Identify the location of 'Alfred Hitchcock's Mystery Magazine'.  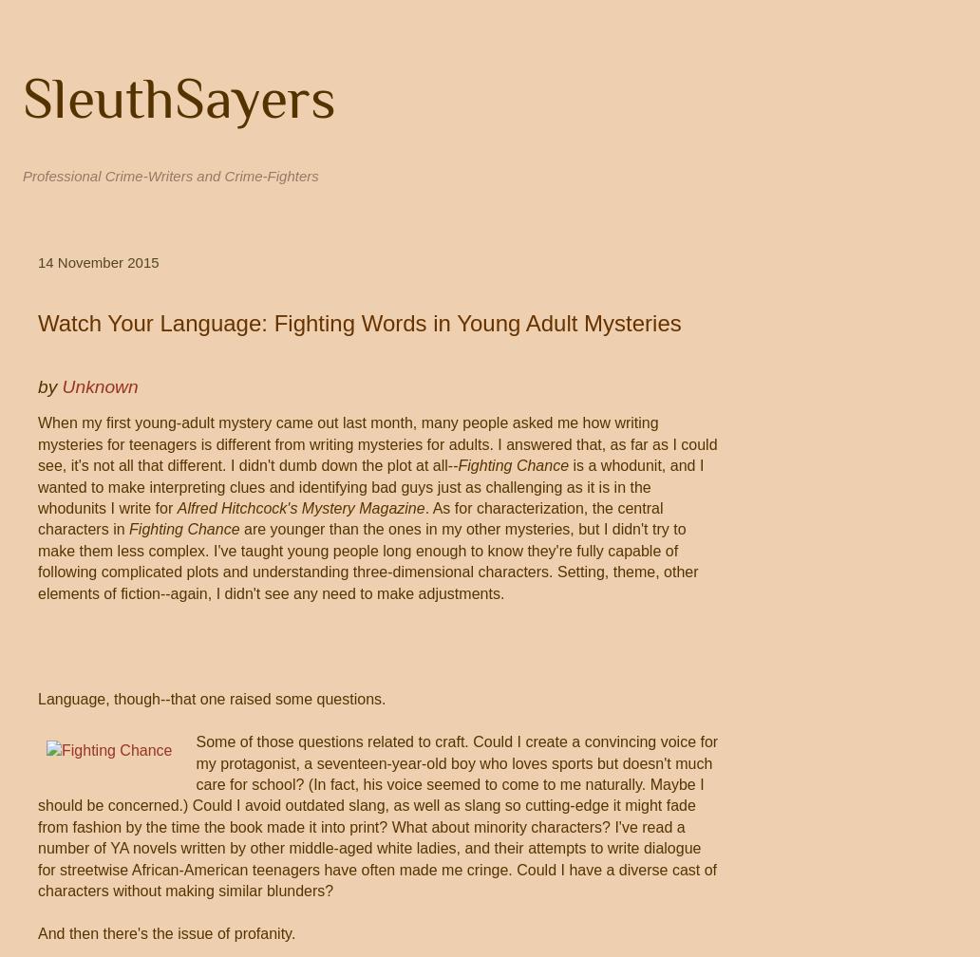
(175, 507).